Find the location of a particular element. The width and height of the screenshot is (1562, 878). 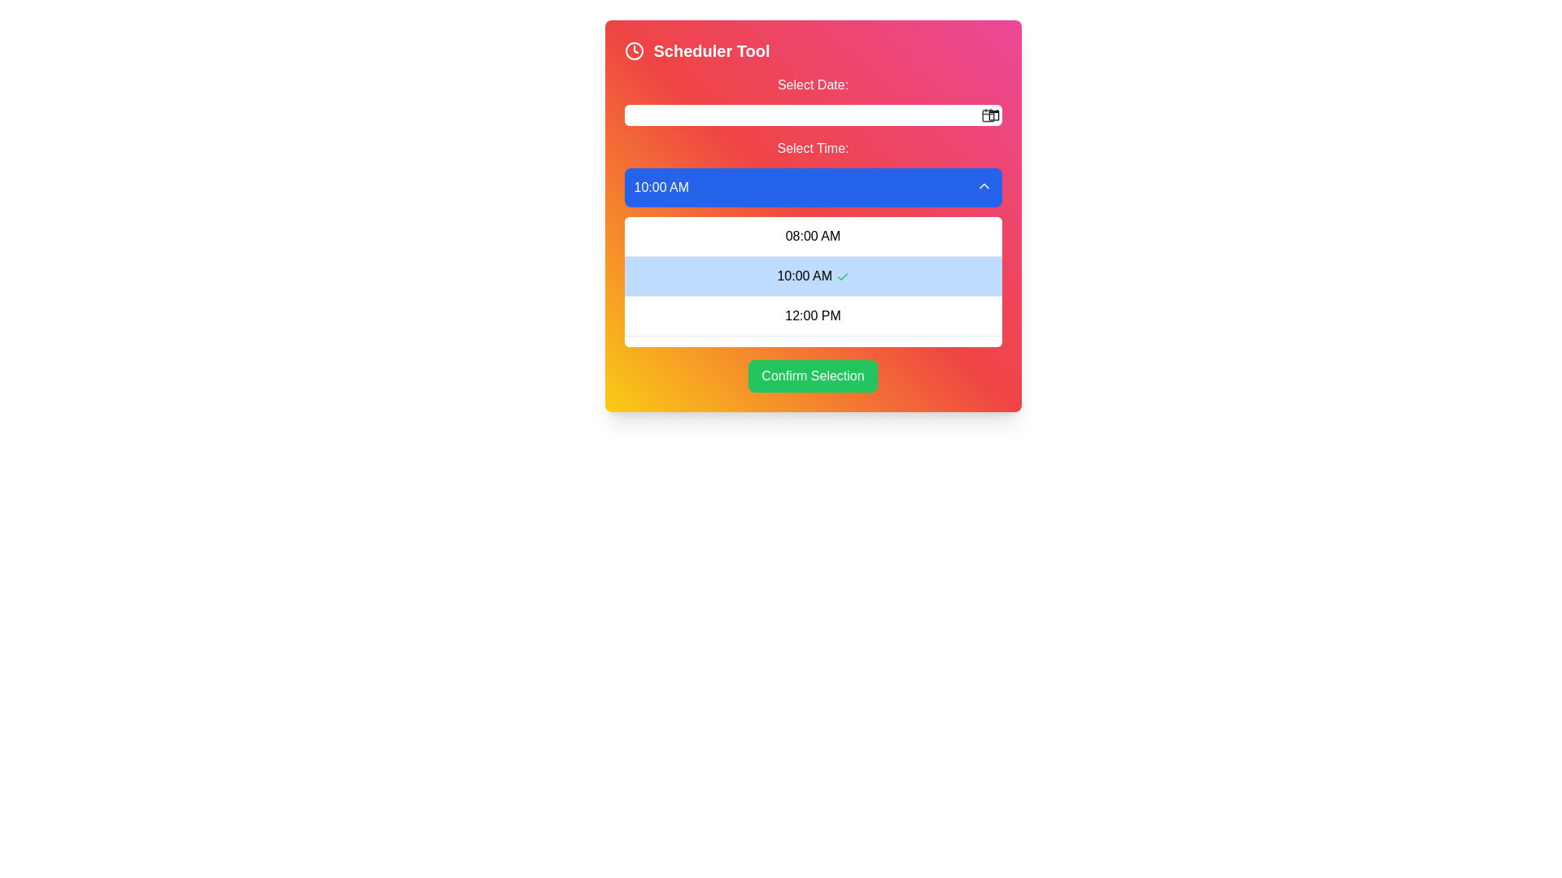

the dropdown button displaying '10:00 AM' for keyboard navigation is located at coordinates (813, 187).